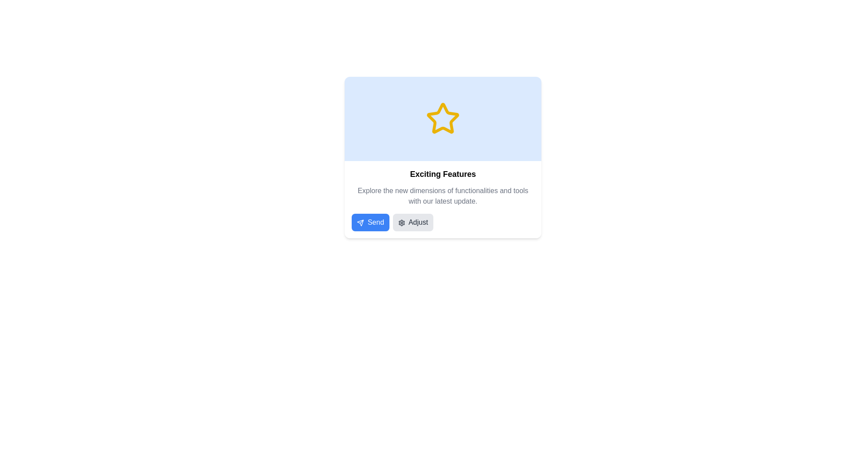 The width and height of the screenshot is (843, 474). What do you see at coordinates (360, 222) in the screenshot?
I see `the 'Send' button icon located in the lower-left corner of the card titled 'Exciting Features'` at bounding box center [360, 222].